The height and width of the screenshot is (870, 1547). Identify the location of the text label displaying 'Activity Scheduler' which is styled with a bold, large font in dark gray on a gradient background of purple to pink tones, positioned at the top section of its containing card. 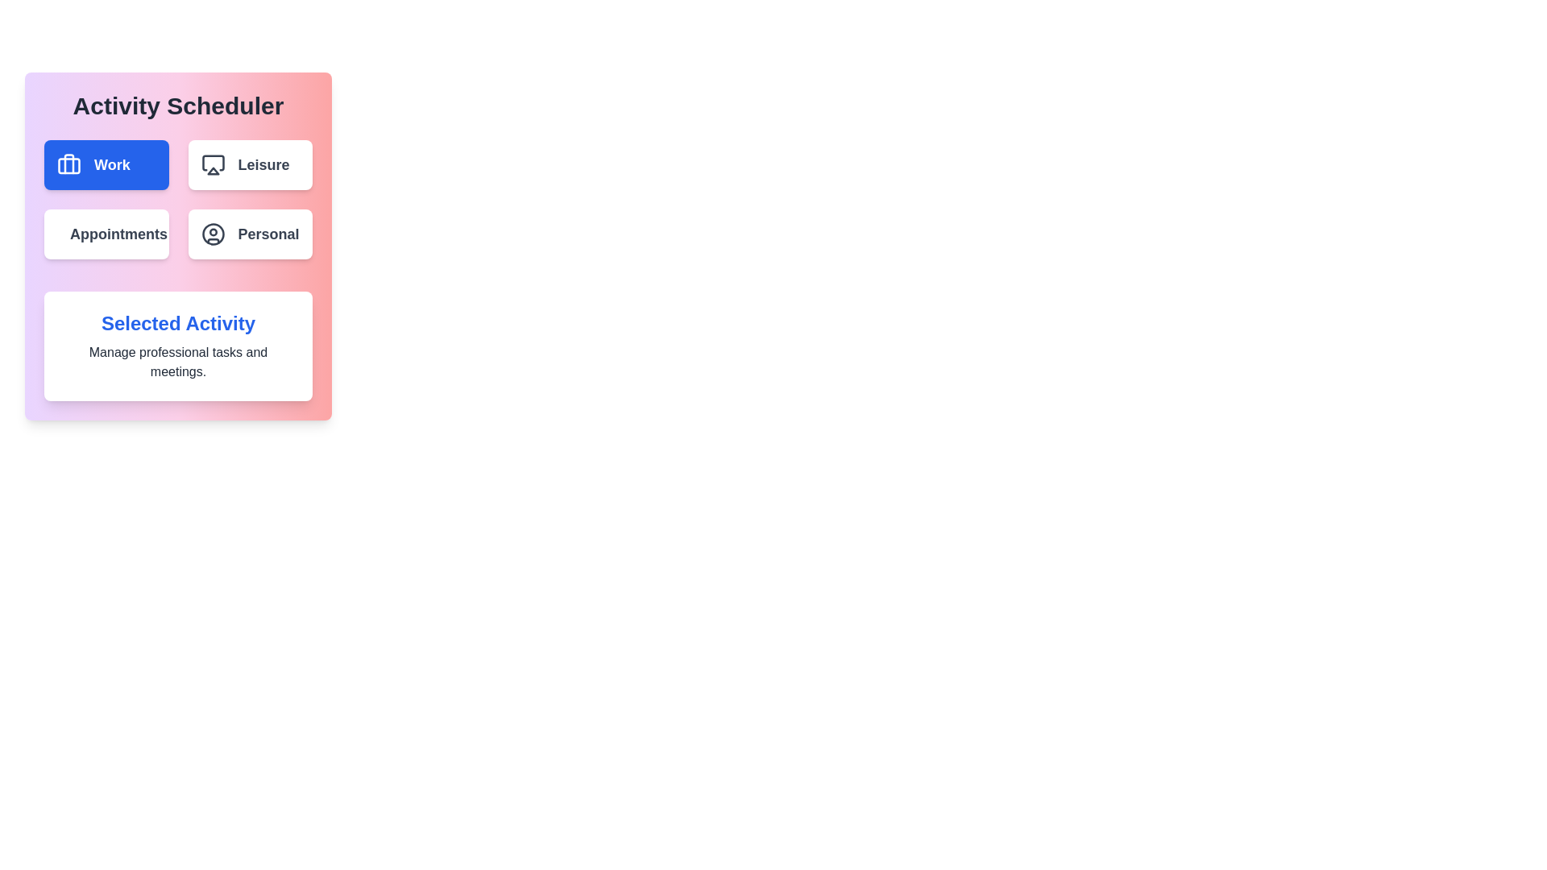
(178, 106).